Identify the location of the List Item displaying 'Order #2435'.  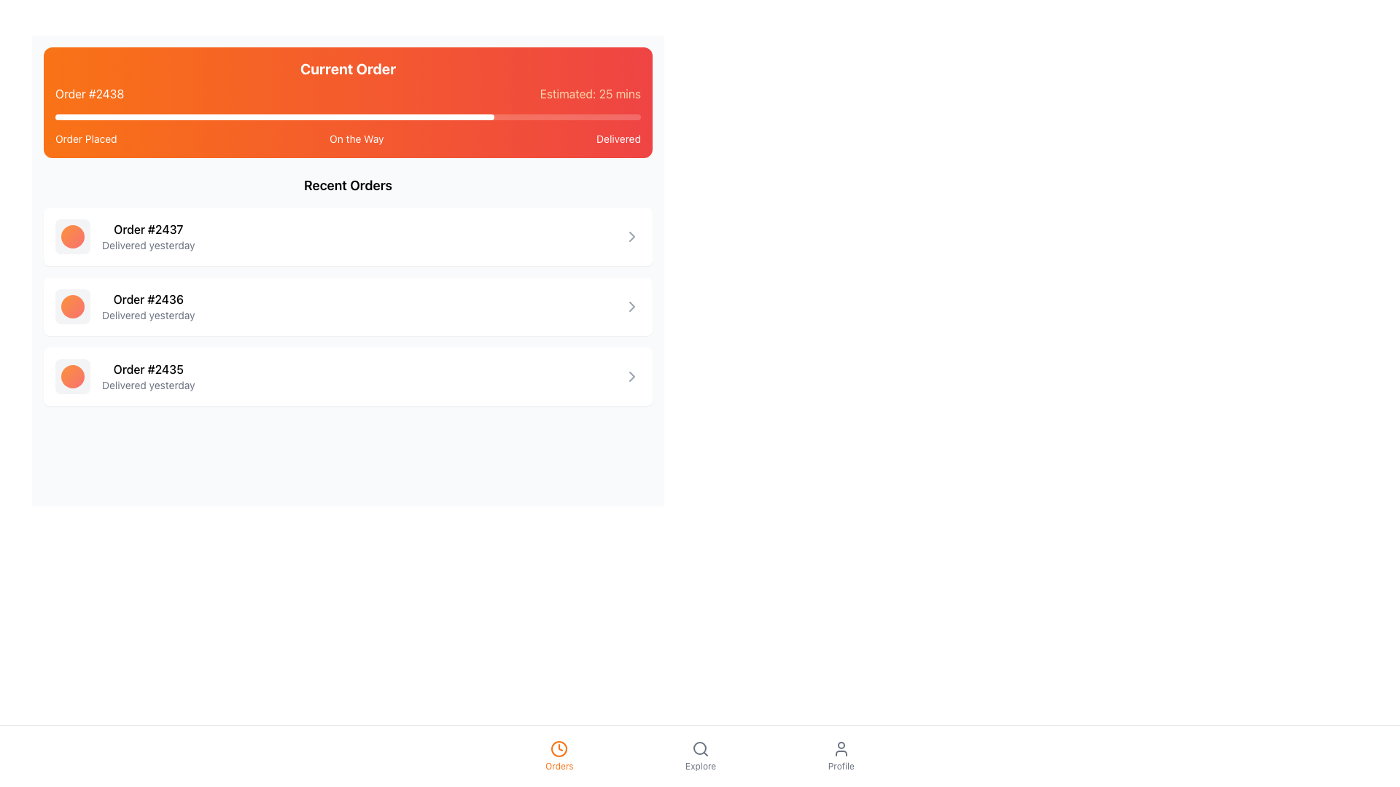
(125, 375).